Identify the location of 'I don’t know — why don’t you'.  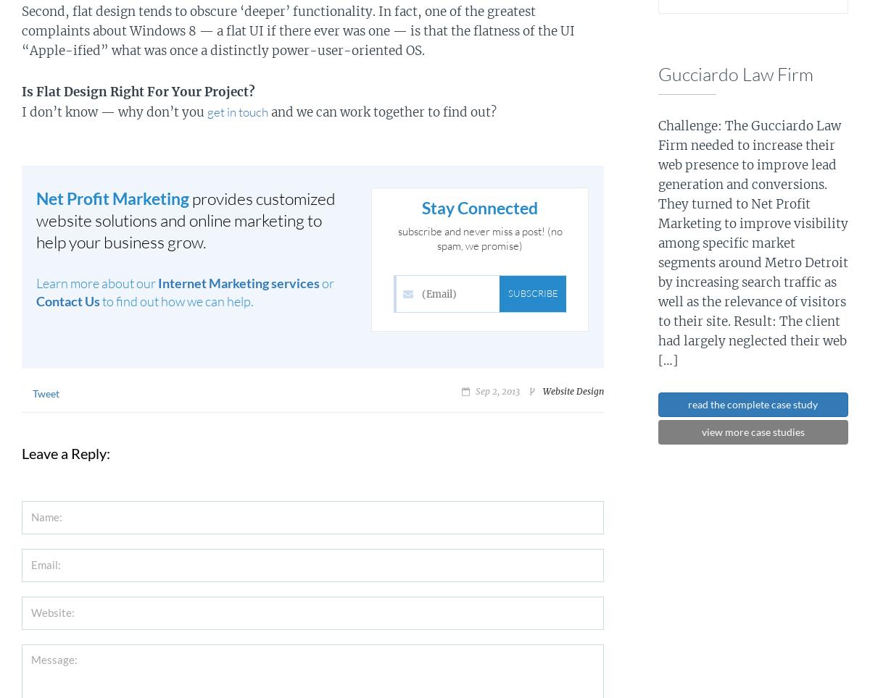
(114, 112).